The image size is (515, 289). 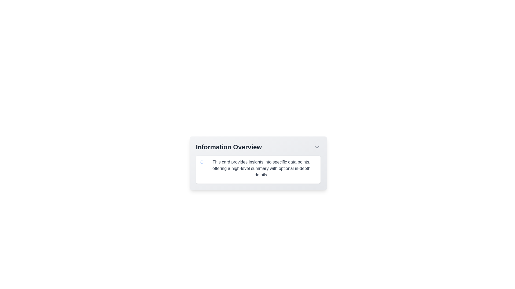 What do you see at coordinates (317, 147) in the screenshot?
I see `the icon button located at the upper-right corner of the 'Information Overview' section` at bounding box center [317, 147].